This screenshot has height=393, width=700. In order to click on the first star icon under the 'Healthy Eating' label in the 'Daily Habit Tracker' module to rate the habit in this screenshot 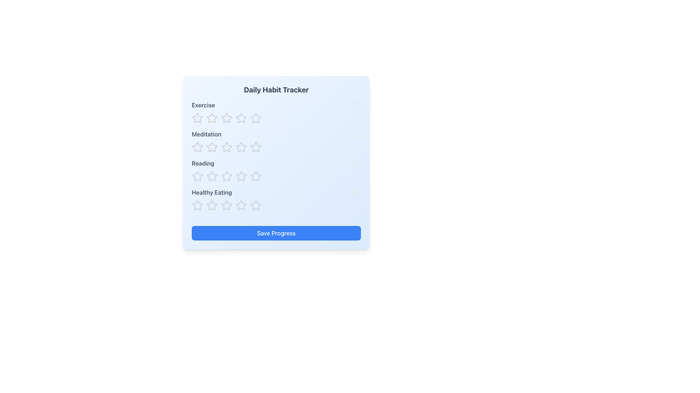, I will do `click(198, 205)`.